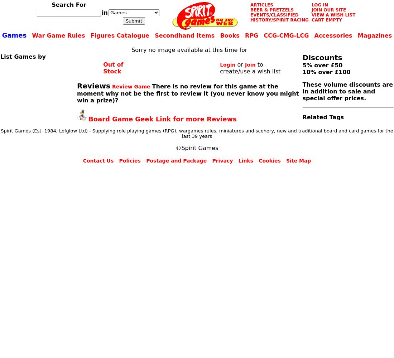 Image resolution: width=394 pixels, height=358 pixels. I want to click on 'Login', so click(227, 64).